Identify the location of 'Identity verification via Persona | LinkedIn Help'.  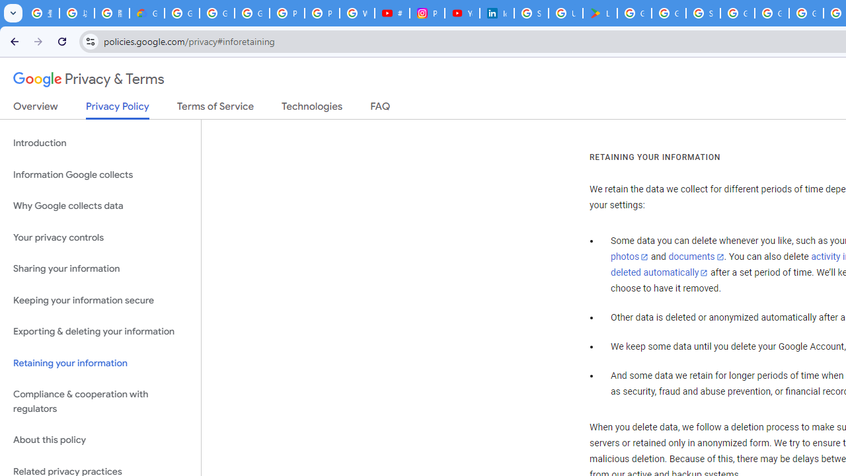
(496, 13).